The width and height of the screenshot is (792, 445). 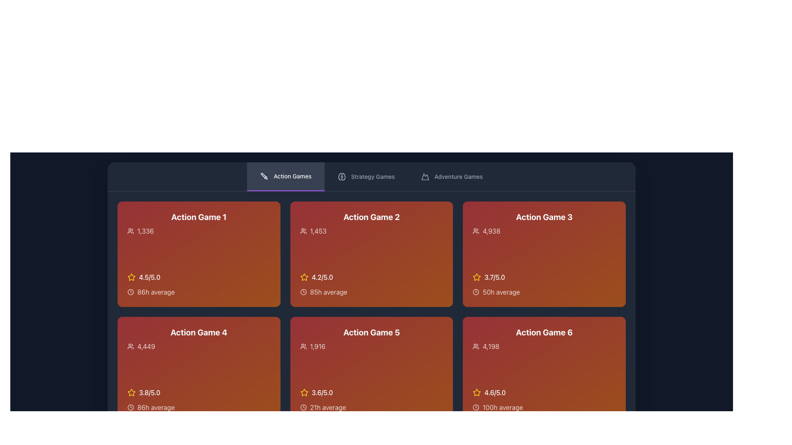 What do you see at coordinates (371, 332) in the screenshot?
I see `the text label that serves as the title for the game content, located in the bottom row of a three-column grid layout, positioned above statistics and icons` at bounding box center [371, 332].